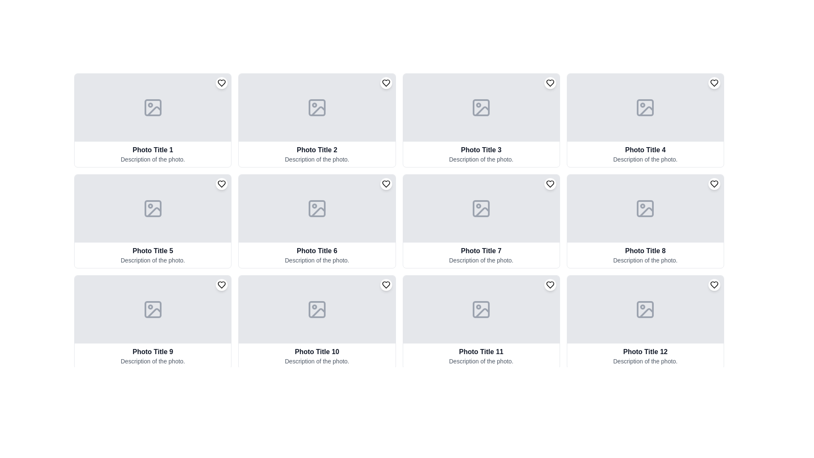 The height and width of the screenshot is (458, 814). Describe the element at coordinates (153, 209) in the screenshot. I see `the circular image placeholder icon with a gray color scheme, located in the fifth image slot labeled 'Photo Title 5' in the second row and first column of the grid` at that location.